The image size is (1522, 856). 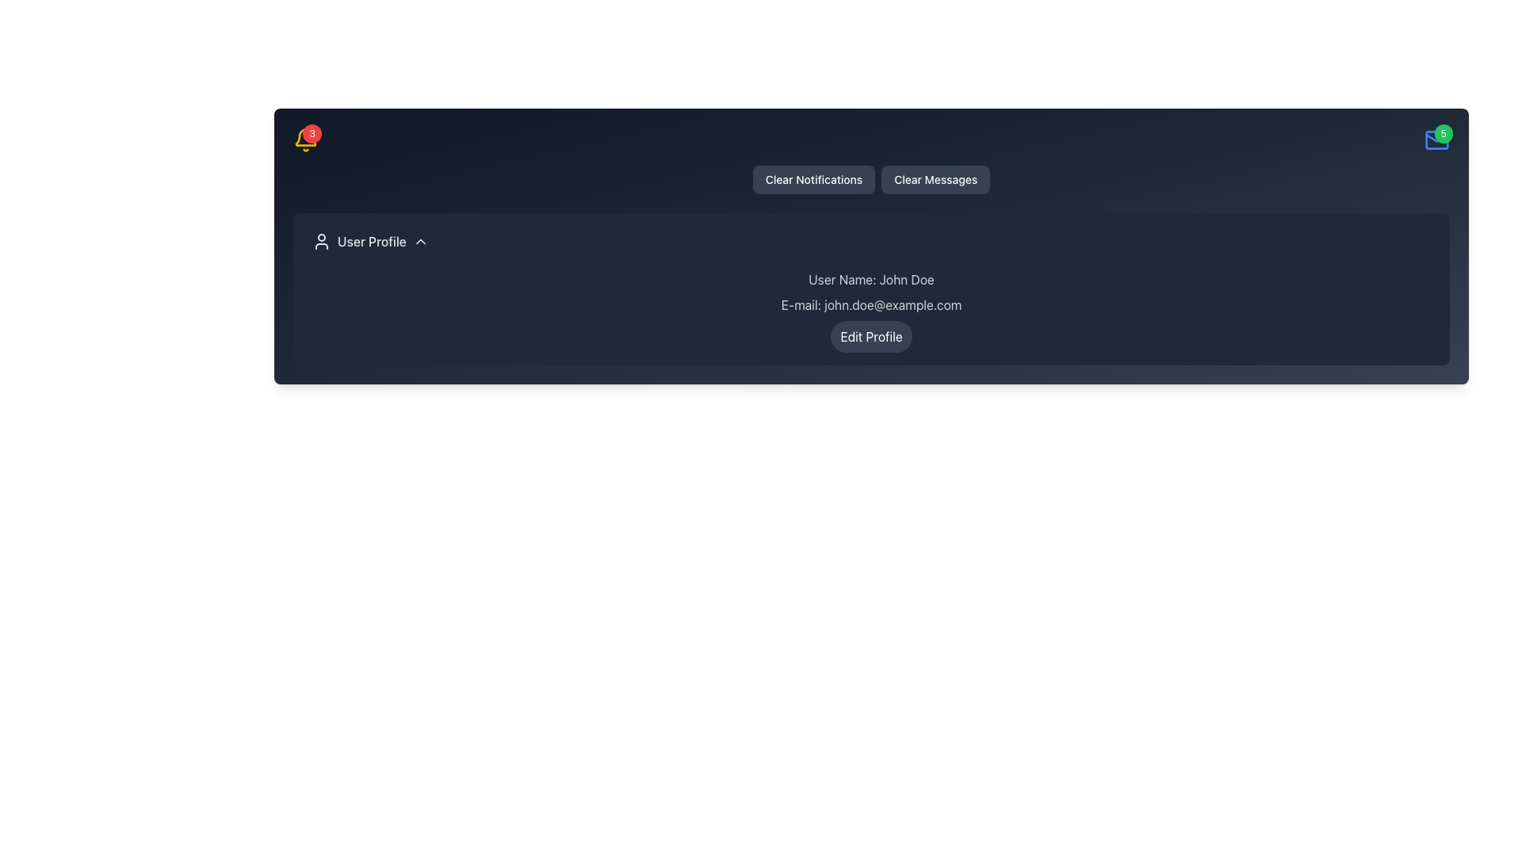 What do you see at coordinates (1437, 136) in the screenshot?
I see `the triangular detail of the envelope icon located at the top-right corner of the interface, which represents the flap of the envelope` at bounding box center [1437, 136].